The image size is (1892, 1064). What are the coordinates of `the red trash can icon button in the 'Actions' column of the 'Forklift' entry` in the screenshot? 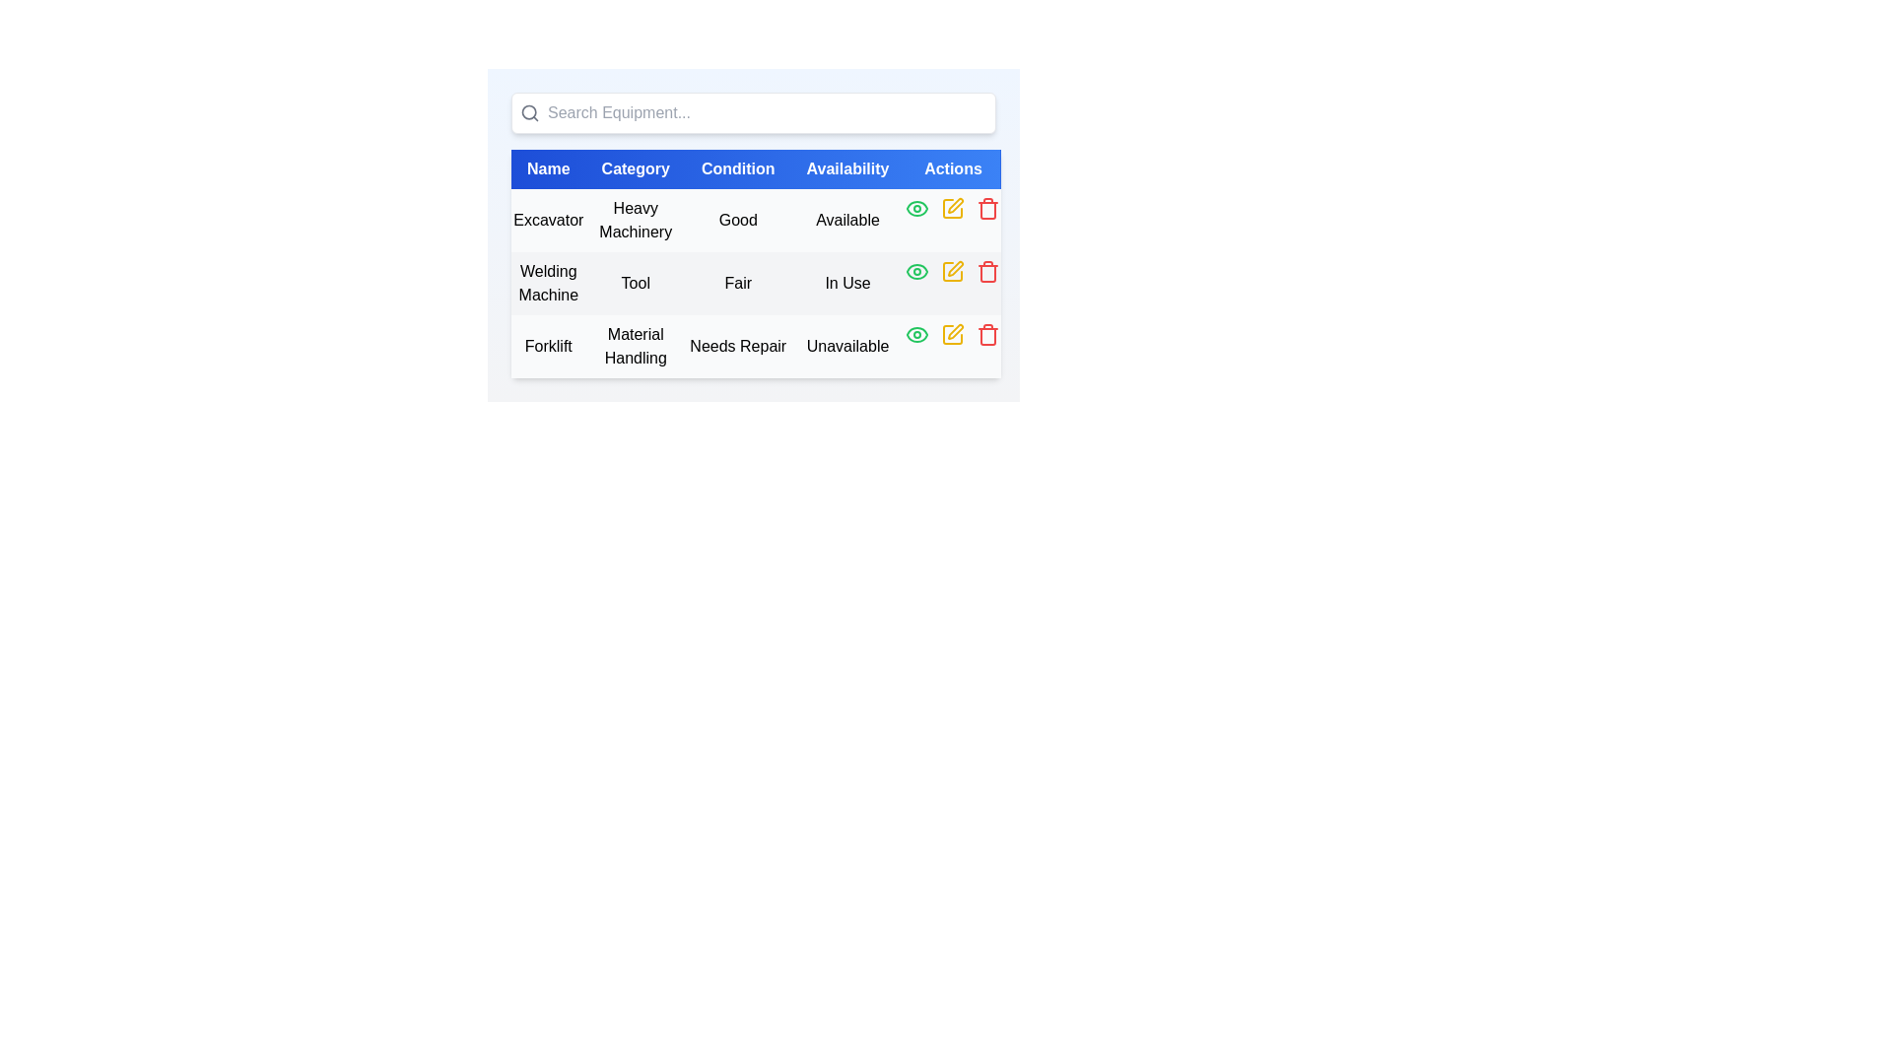 It's located at (988, 333).